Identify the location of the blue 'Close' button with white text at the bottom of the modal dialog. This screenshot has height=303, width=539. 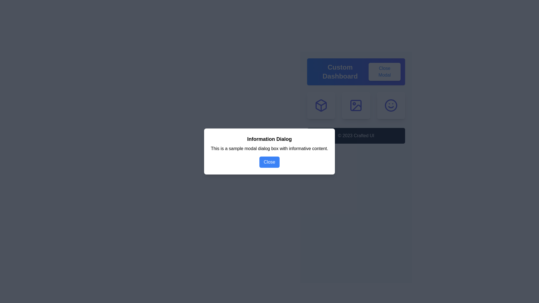
(269, 162).